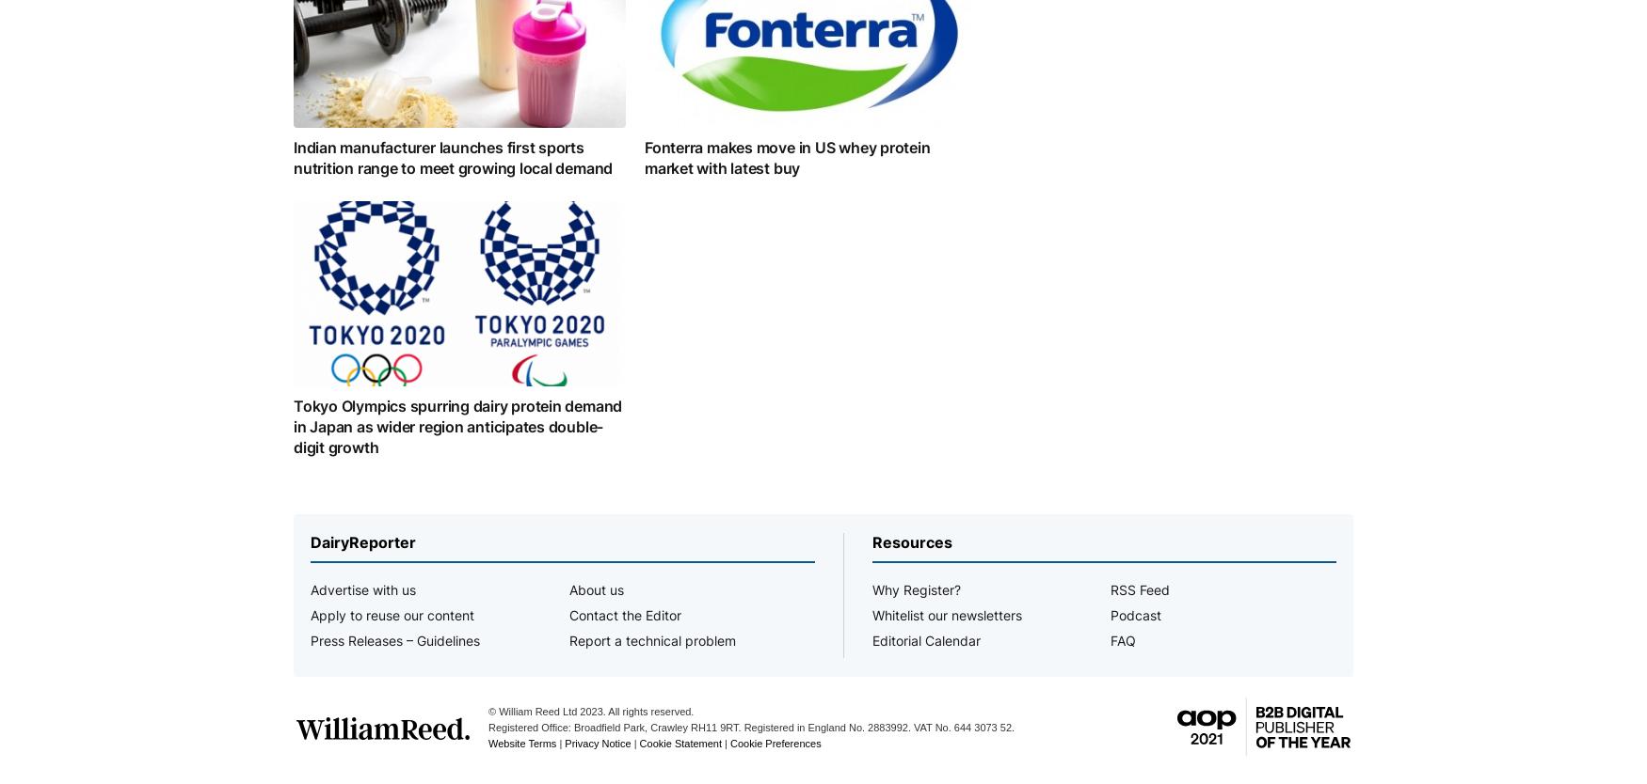 Image resolution: width=1647 pixels, height=784 pixels. Describe the element at coordinates (392, 614) in the screenshot. I see `'Apply to reuse our content'` at that location.